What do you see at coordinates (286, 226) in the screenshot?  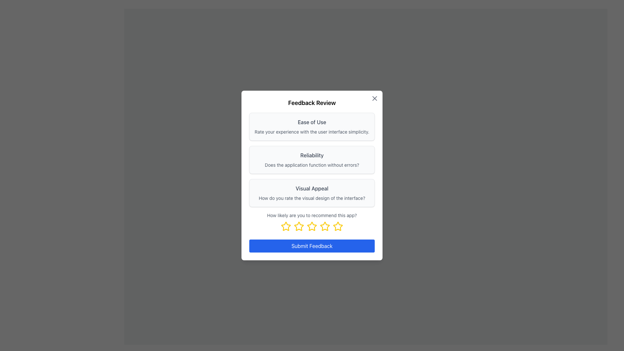 I see `the first interactive star icon in the feedback dialog box` at bounding box center [286, 226].